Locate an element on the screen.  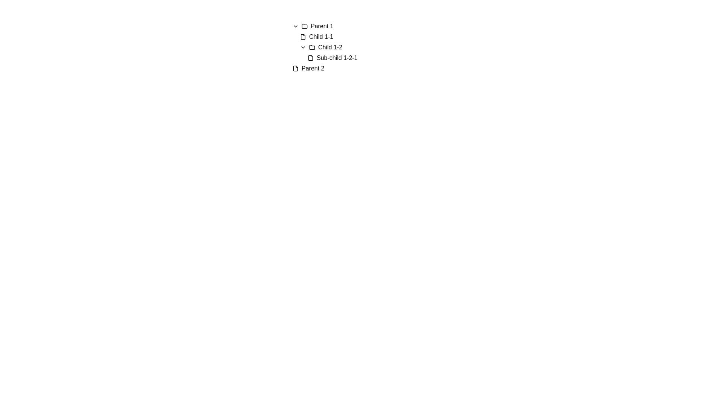
the file icon component, which is styled as a document with a folded corner at the top-right, and is the first part of its composite SVG element is located at coordinates (311, 58).